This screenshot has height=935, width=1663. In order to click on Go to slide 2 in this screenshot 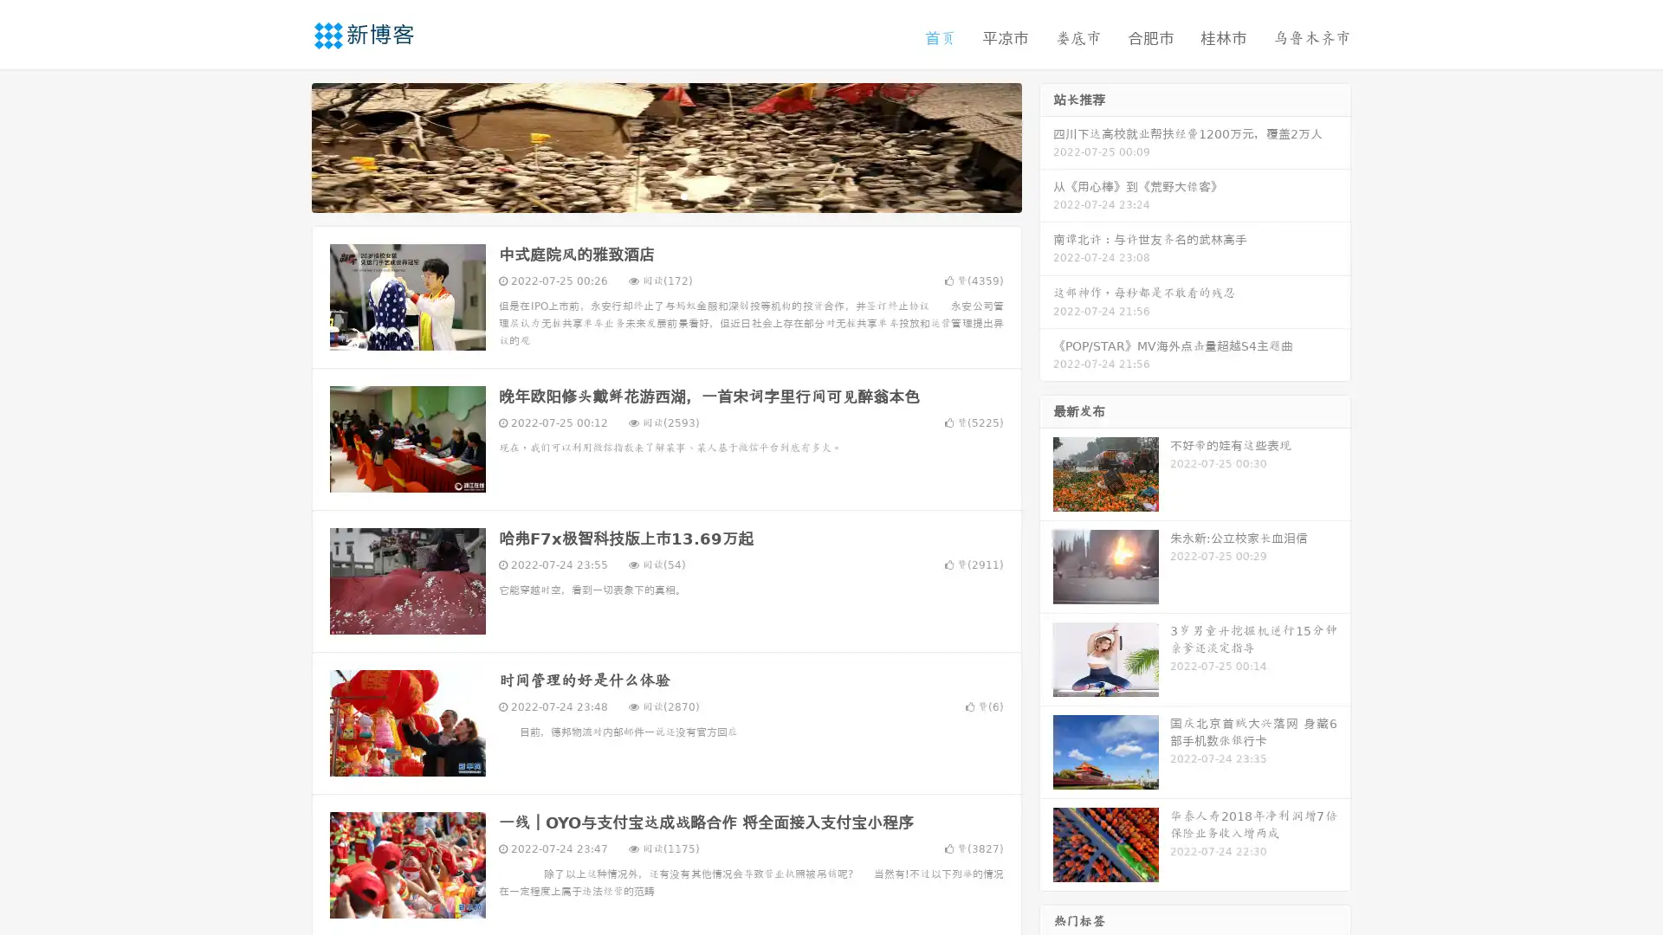, I will do `click(665, 195)`.